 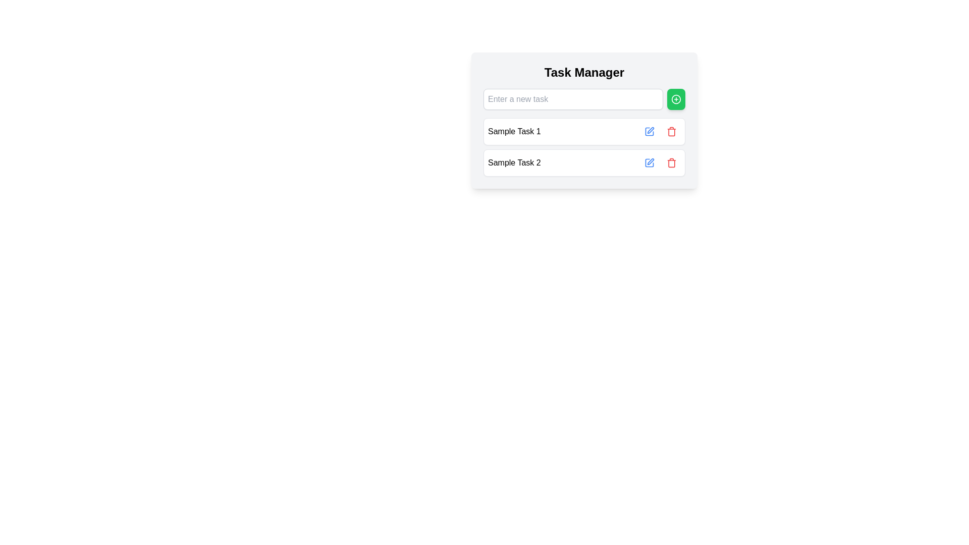 What do you see at coordinates (514, 131) in the screenshot?
I see `the text label displaying 'Sample Task 1' in the task card located in the upper section of the task list interface` at bounding box center [514, 131].